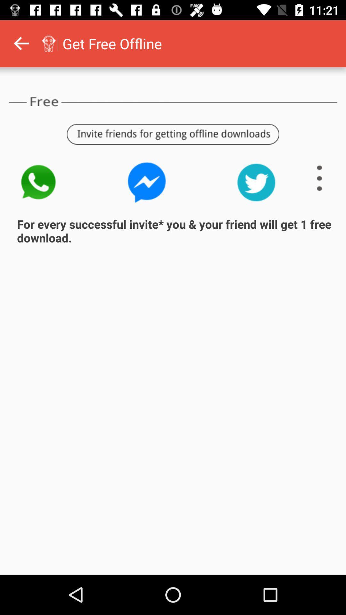 This screenshot has width=346, height=615. What do you see at coordinates (21, 43) in the screenshot?
I see `back` at bounding box center [21, 43].